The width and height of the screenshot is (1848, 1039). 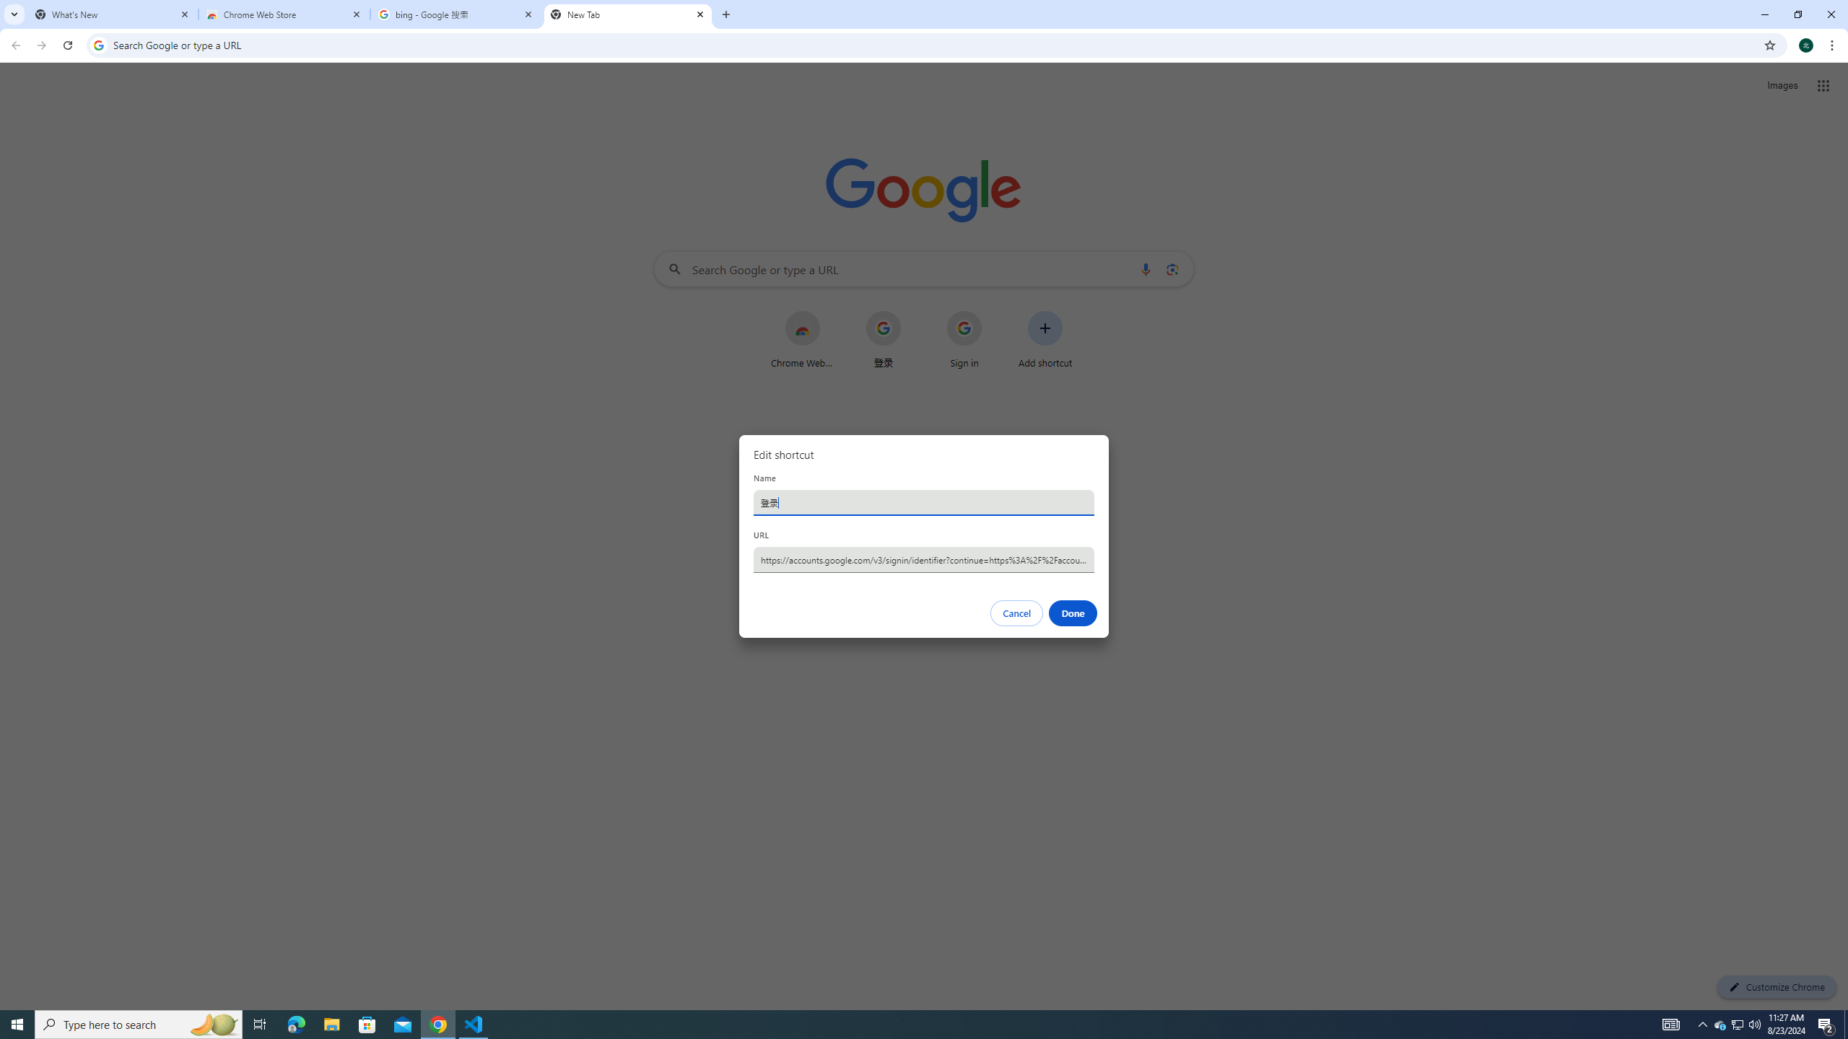 What do you see at coordinates (924, 558) in the screenshot?
I see `'URL'` at bounding box center [924, 558].